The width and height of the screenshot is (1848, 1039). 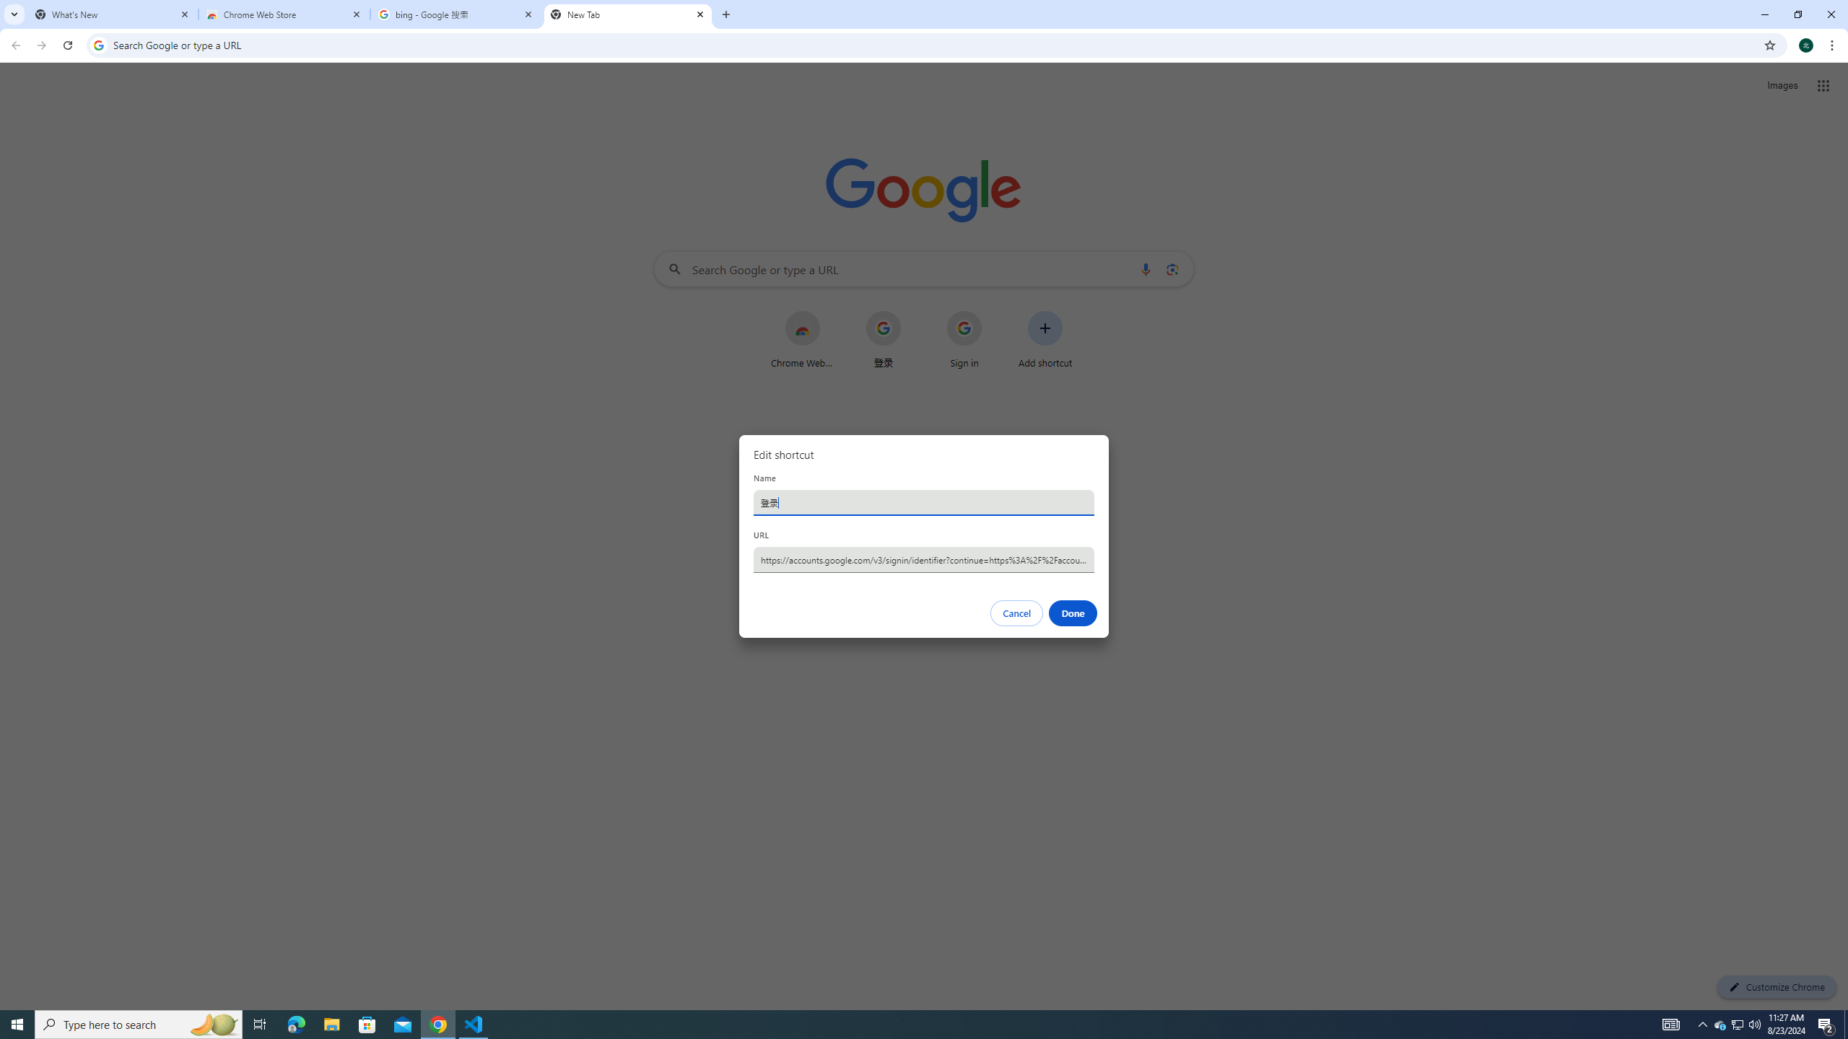 What do you see at coordinates (924, 558) in the screenshot?
I see `'URL'` at bounding box center [924, 558].